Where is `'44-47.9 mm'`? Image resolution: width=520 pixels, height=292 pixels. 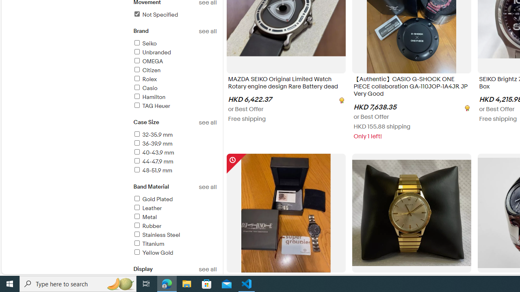 '44-47.9 mm' is located at coordinates (174, 162).